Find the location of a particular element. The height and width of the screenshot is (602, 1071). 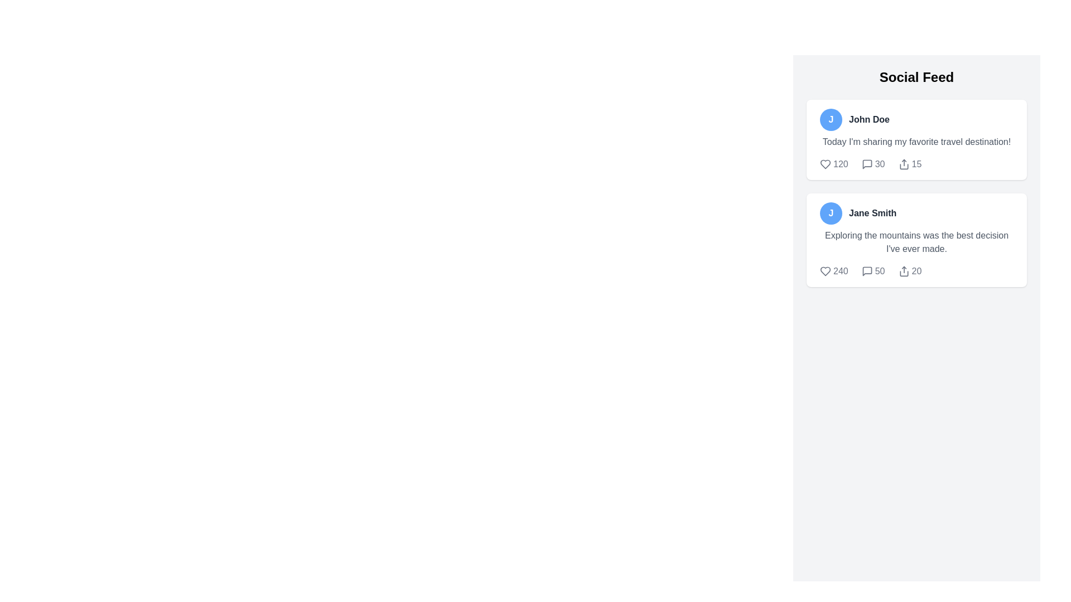

the heart icon, which signifies a 'like' or 'favorite' action for the associated post by 'John Doe' in the social feed is located at coordinates (825, 164).